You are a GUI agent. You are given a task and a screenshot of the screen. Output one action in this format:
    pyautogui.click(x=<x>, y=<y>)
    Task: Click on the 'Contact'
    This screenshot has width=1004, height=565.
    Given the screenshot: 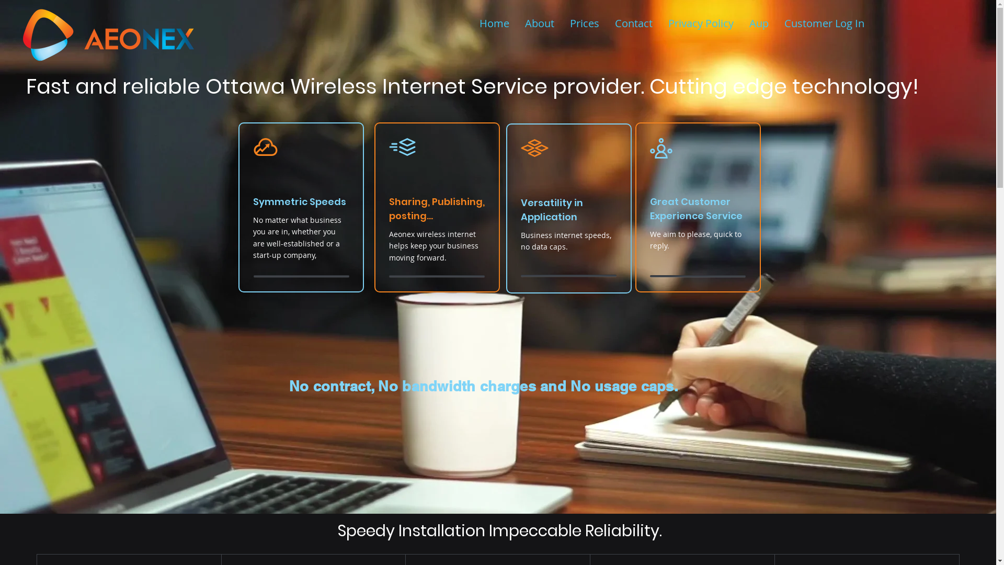 What is the action you would take?
    pyautogui.click(x=633, y=24)
    